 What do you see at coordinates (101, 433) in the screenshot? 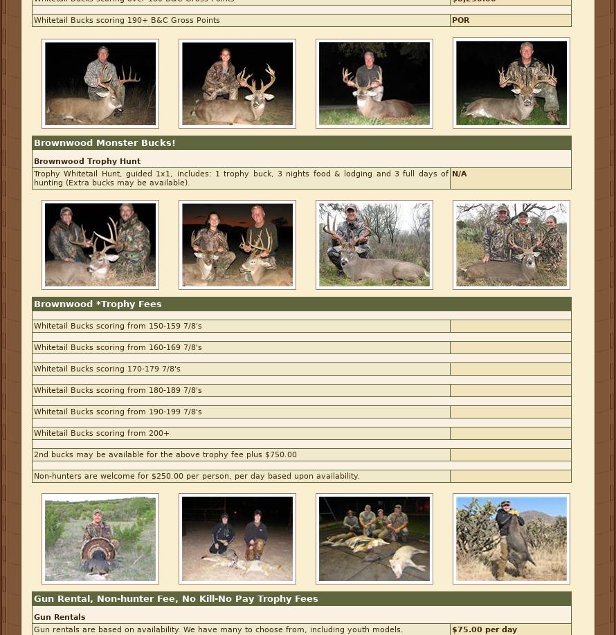
I see `'Whitetail Bucks scoring from 200+'` at bounding box center [101, 433].